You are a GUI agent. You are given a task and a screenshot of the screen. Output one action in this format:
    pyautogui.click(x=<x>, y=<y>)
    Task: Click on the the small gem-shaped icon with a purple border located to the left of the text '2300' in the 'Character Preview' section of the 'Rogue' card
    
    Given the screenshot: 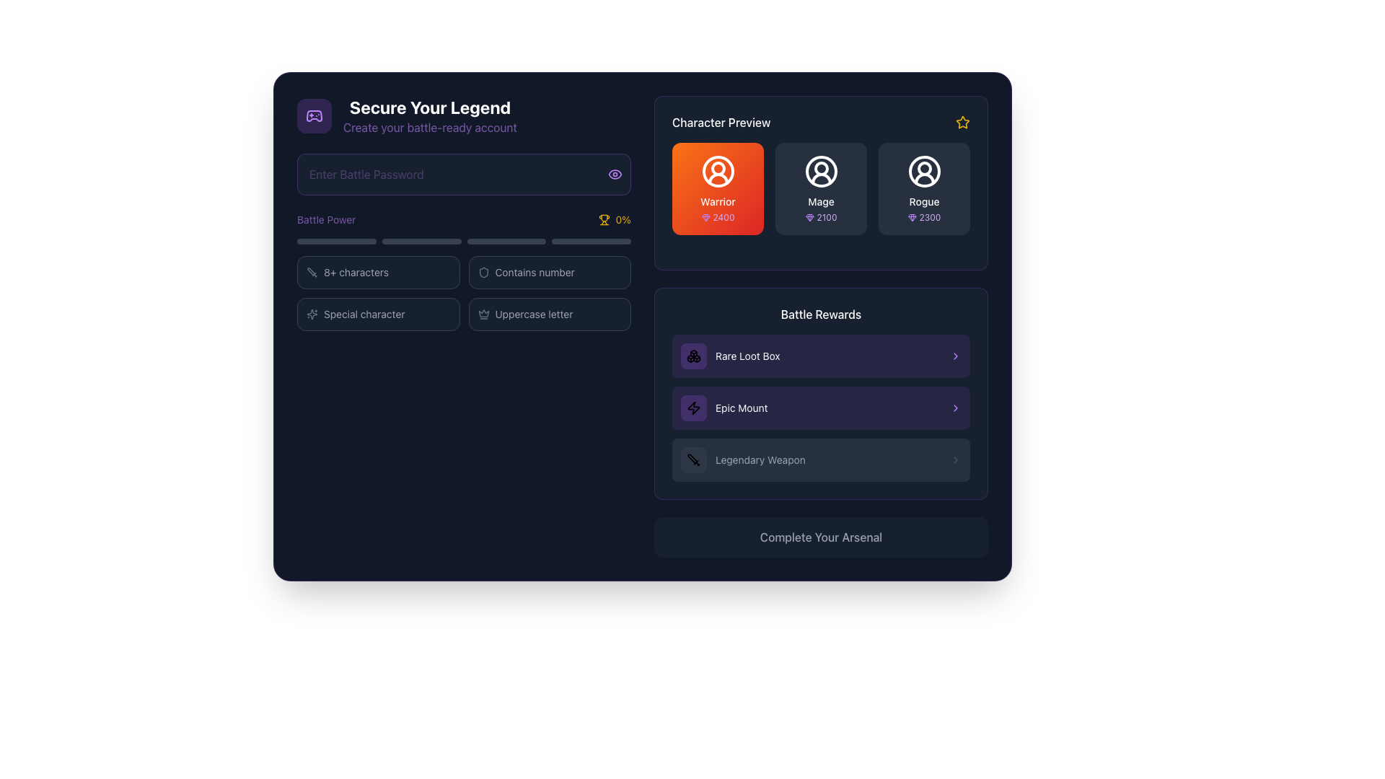 What is the action you would take?
    pyautogui.click(x=911, y=217)
    